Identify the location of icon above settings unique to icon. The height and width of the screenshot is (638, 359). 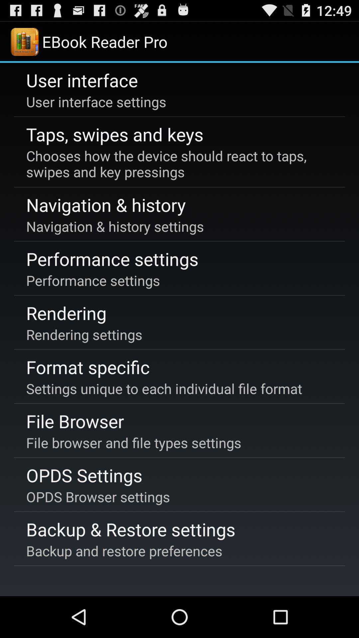
(87, 367).